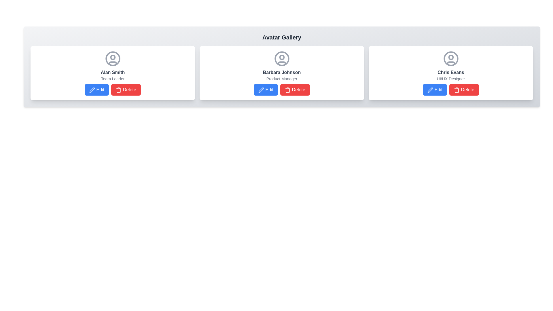  What do you see at coordinates (261, 90) in the screenshot?
I see `the pencil-shaped decorative icon representing the editing function located within the 'Edit' button for user 'Barbara Johnson'` at bounding box center [261, 90].